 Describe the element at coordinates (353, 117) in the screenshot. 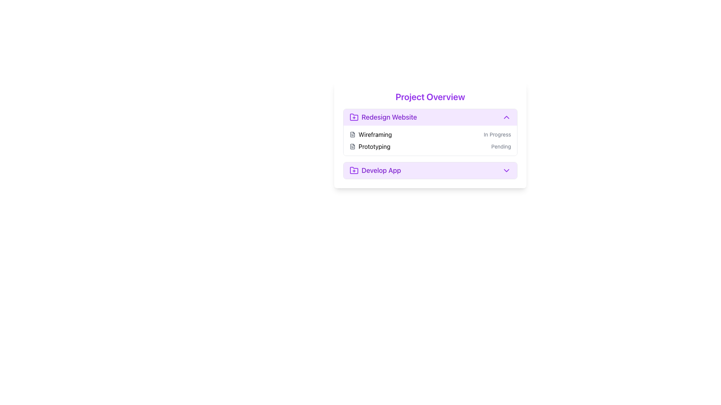

I see `the purple folder icon with a plus sign overlay located to the left of the text 'Redesign Website' in the header area under 'Project Overview'` at that location.